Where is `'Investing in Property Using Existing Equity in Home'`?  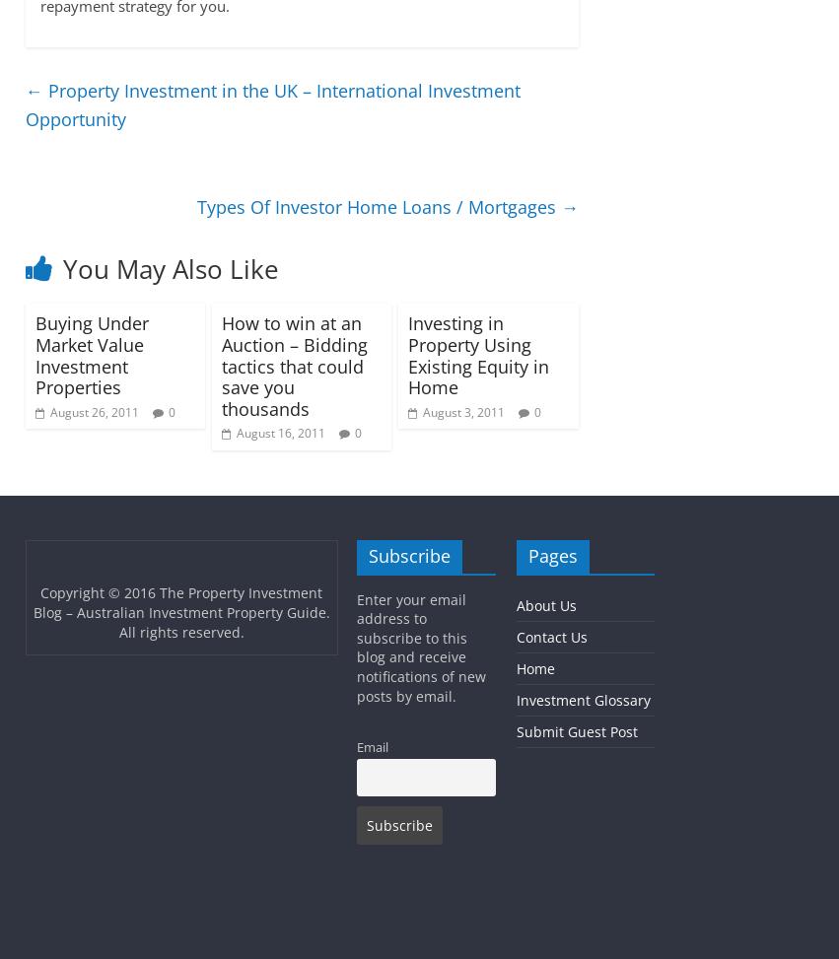 'Investing in Property Using Existing Equity in Home' is located at coordinates (477, 354).